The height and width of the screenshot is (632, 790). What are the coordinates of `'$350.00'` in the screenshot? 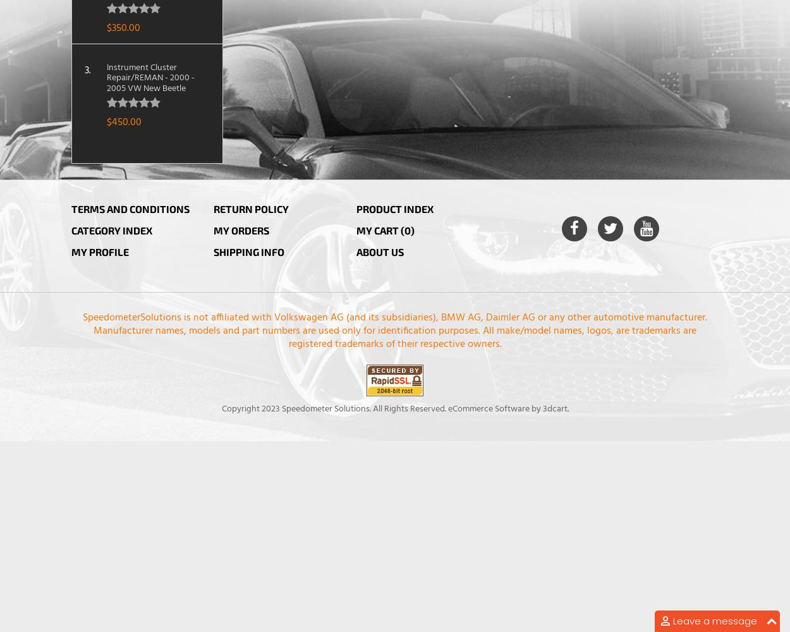 It's located at (122, 28).